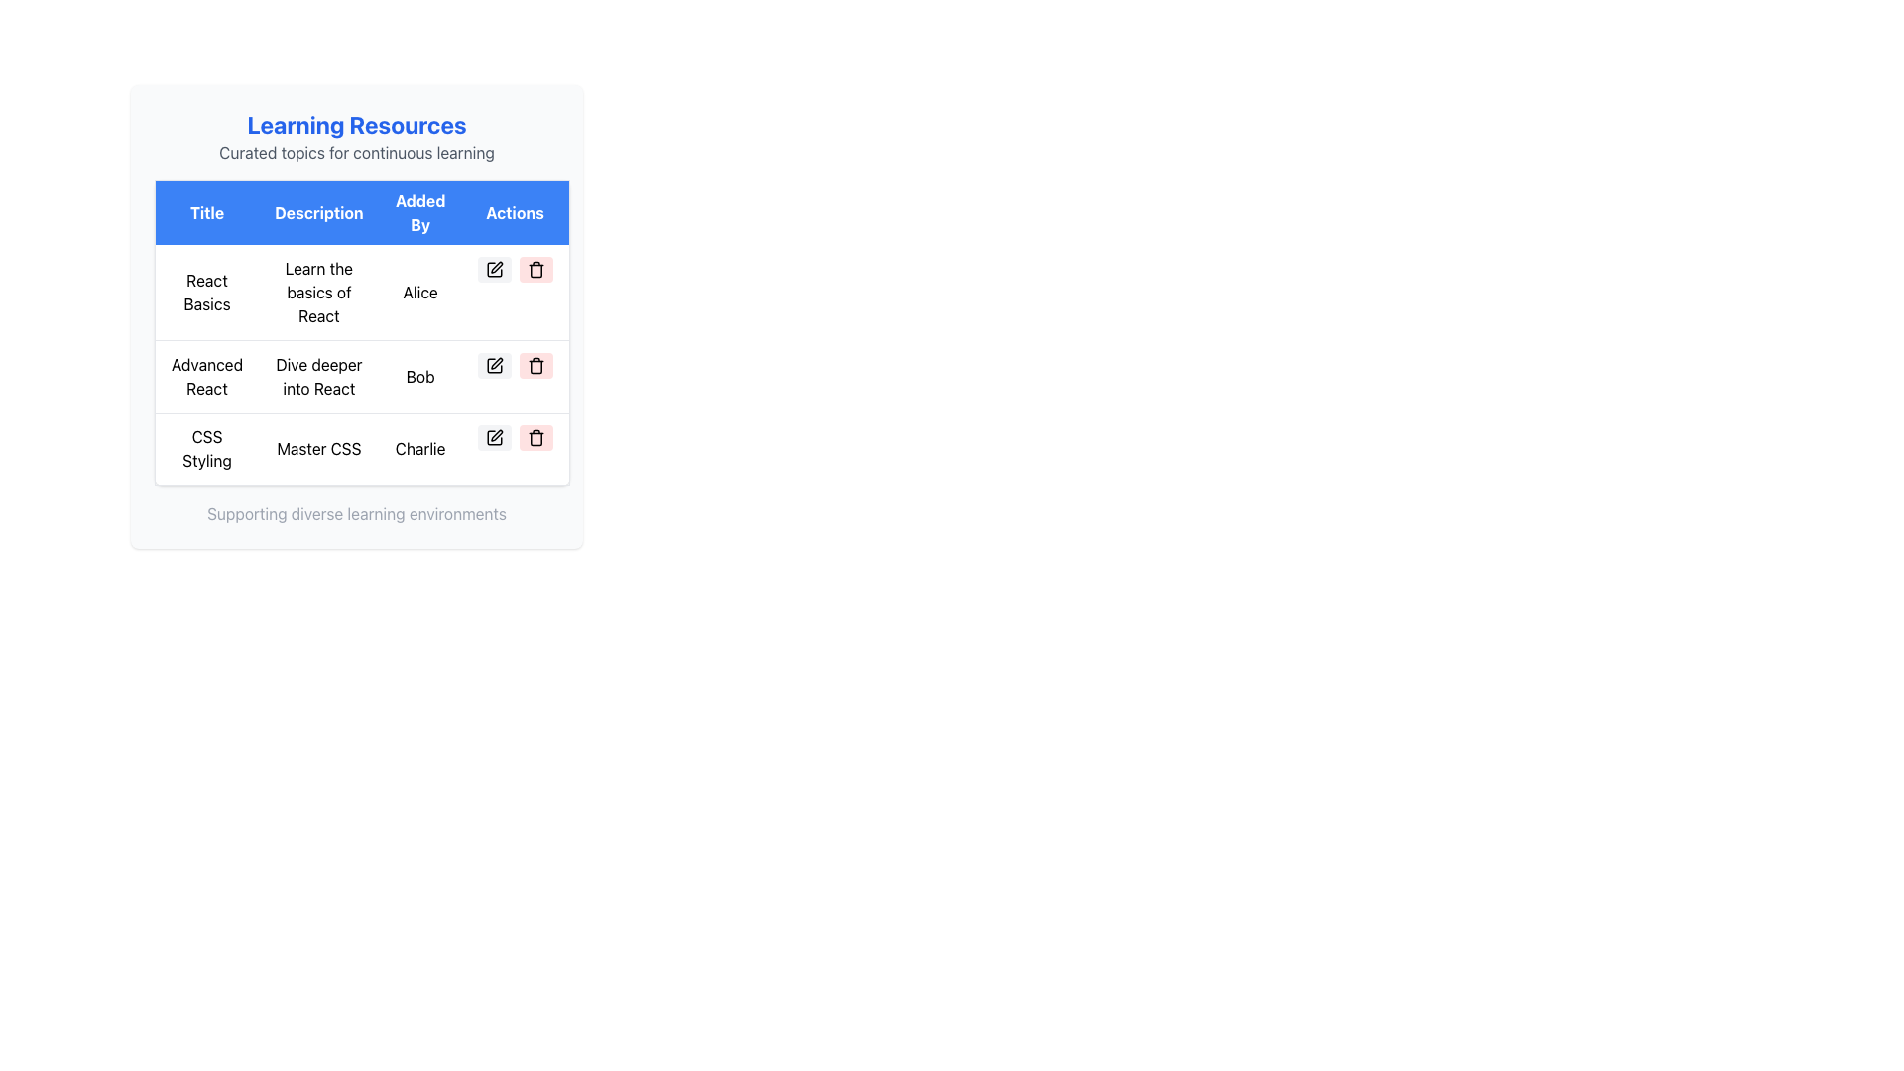 The image size is (1904, 1071). What do you see at coordinates (535, 366) in the screenshot?
I see `the trash can icon styled button located in the 'Actions' column of the second row in the table, adjacent to the edit icon` at bounding box center [535, 366].